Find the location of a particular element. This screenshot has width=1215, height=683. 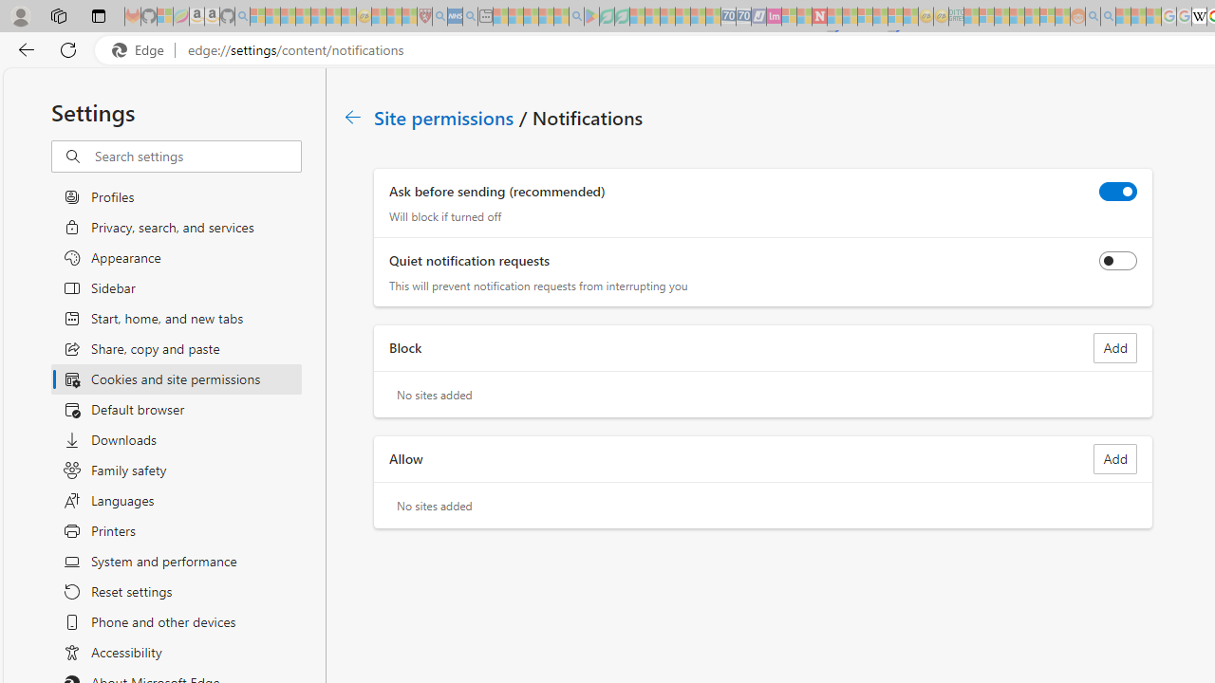

'Trusted Community Engagement and Contributions | Guidelines' is located at coordinates (834, 16).